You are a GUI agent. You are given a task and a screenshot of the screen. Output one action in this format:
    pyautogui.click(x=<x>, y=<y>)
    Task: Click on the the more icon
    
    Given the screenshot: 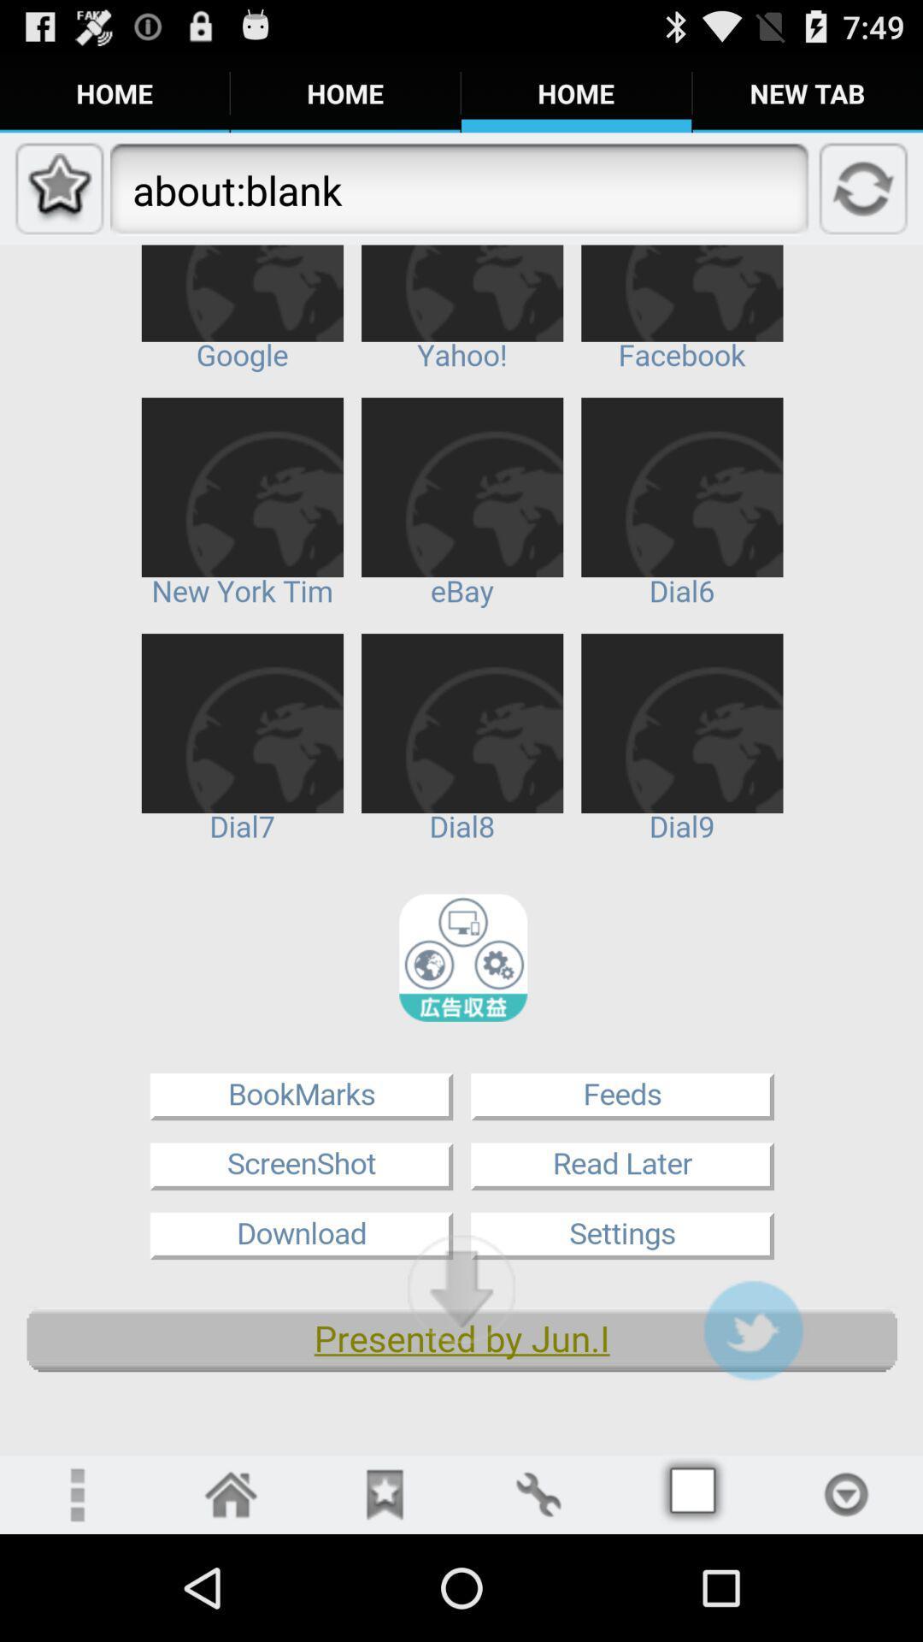 What is the action you would take?
    pyautogui.click(x=75, y=1598)
    